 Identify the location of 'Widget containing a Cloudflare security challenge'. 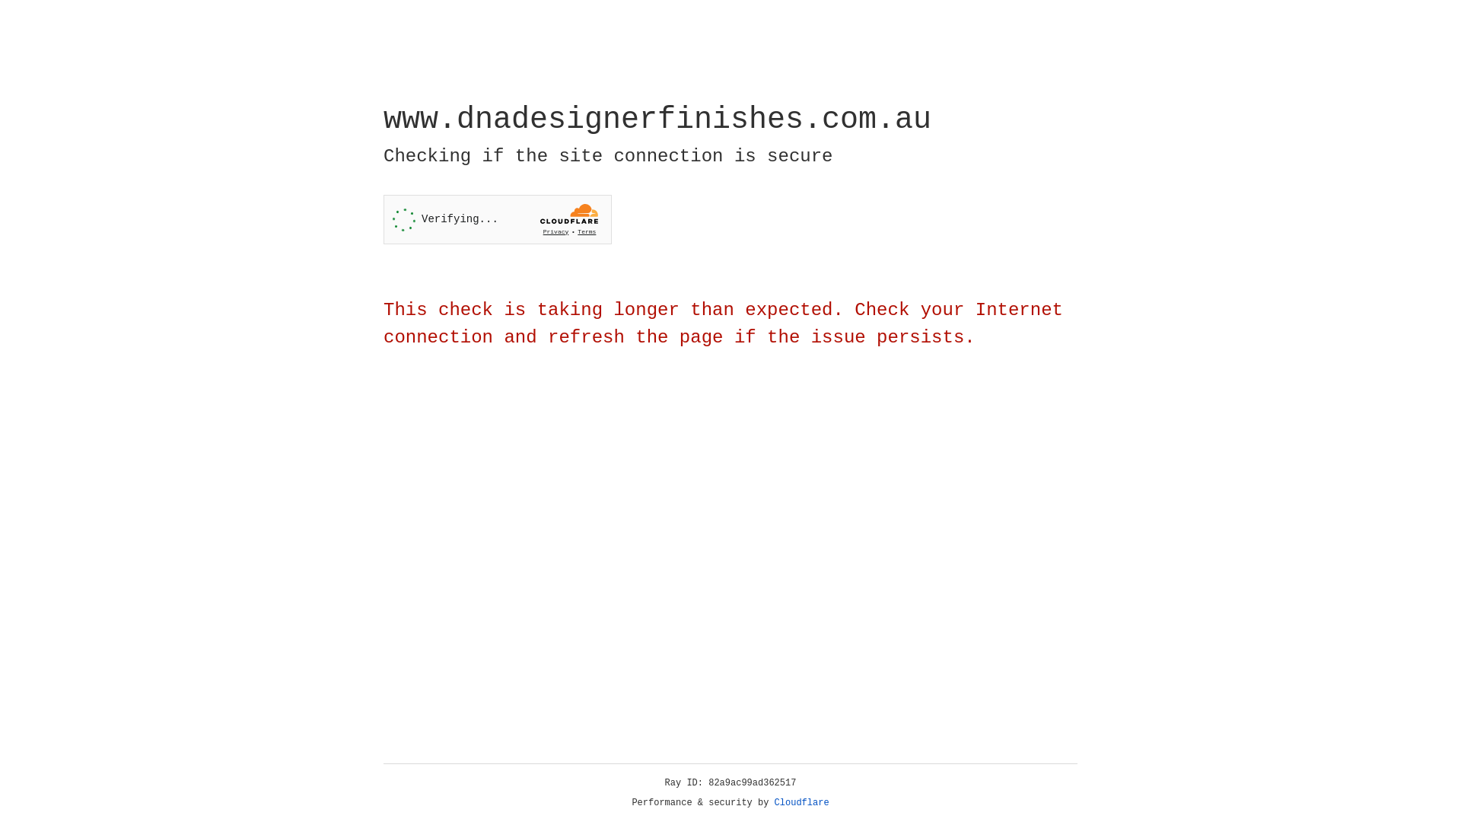
(497, 219).